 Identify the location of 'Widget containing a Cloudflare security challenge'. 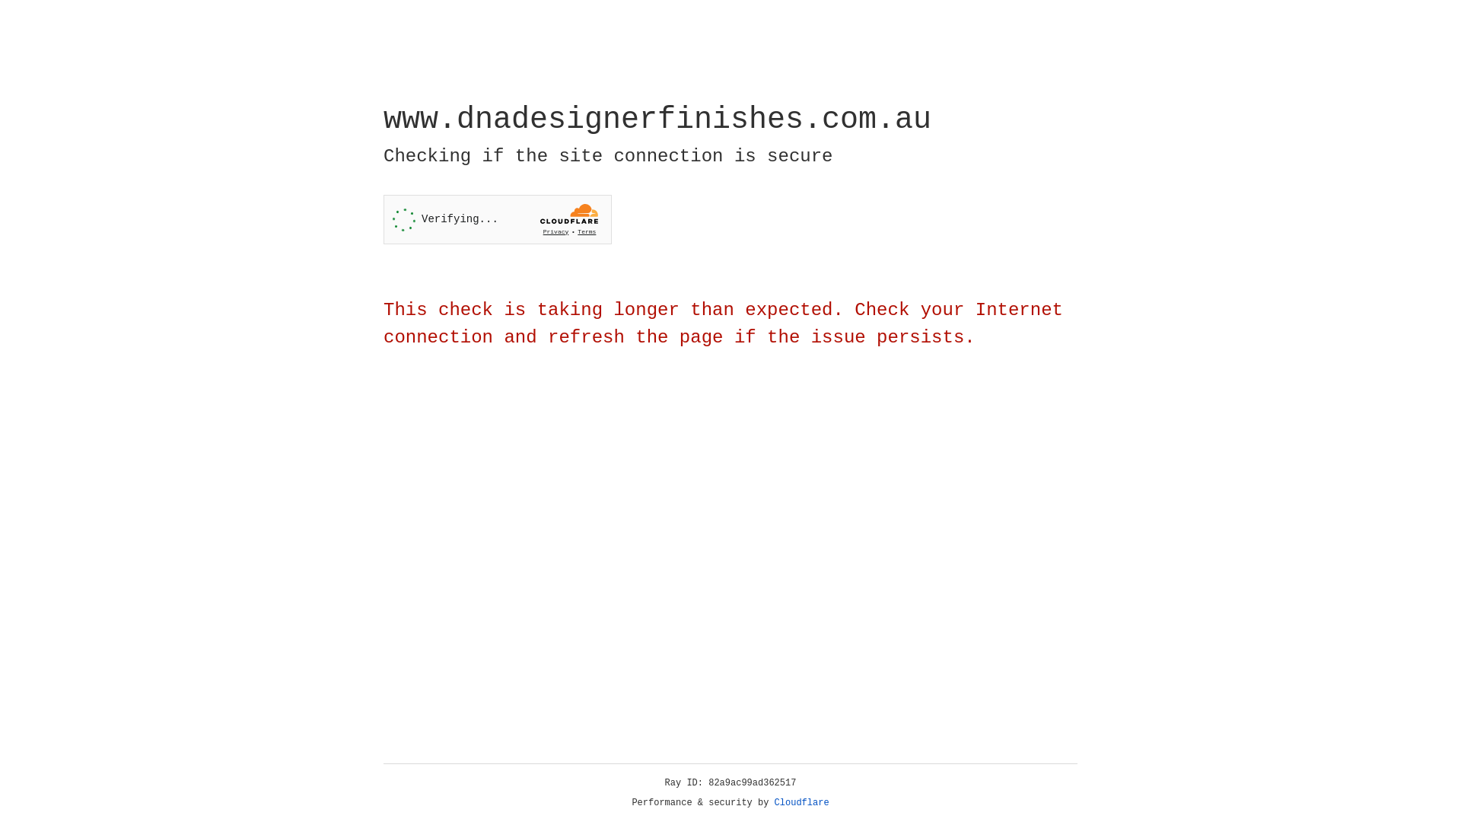
(497, 219).